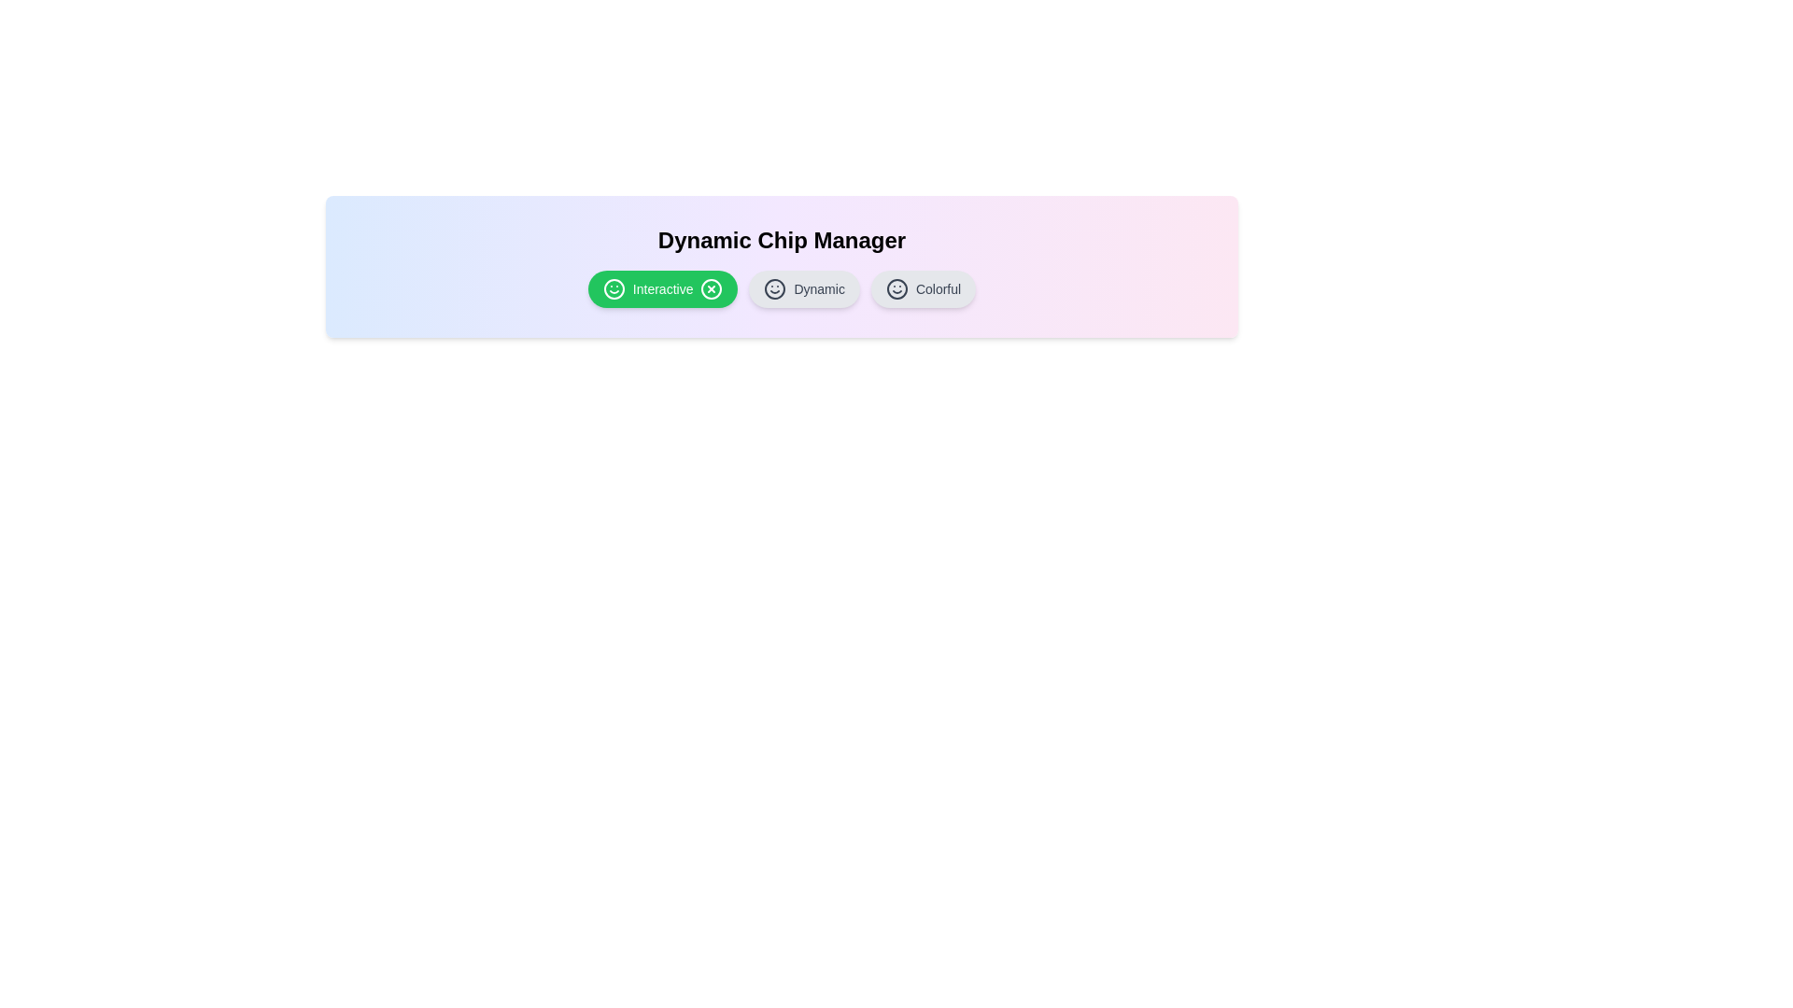 This screenshot has height=1008, width=1793. I want to click on the chip labeled Dynamic, so click(803, 288).